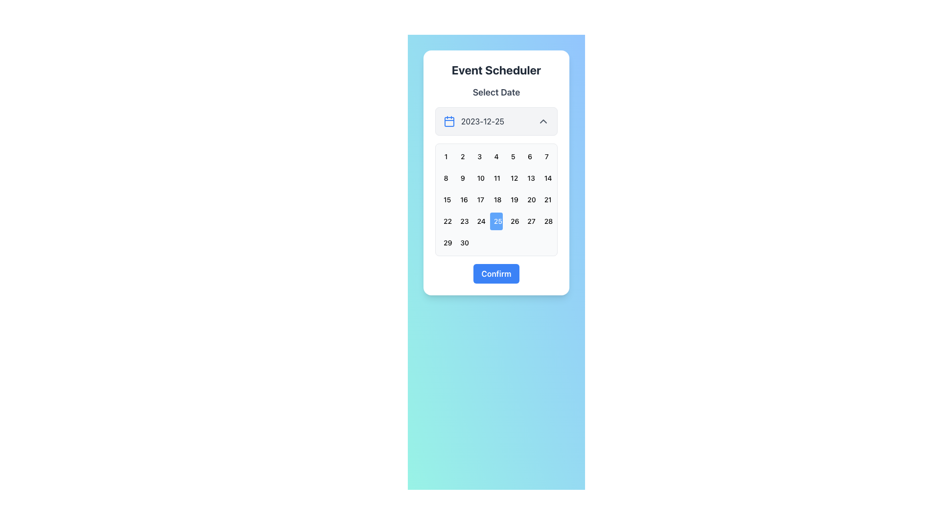 This screenshot has height=529, width=940. What do you see at coordinates (496, 199) in the screenshot?
I see `the rounded rectangular button displaying the number '18'` at bounding box center [496, 199].